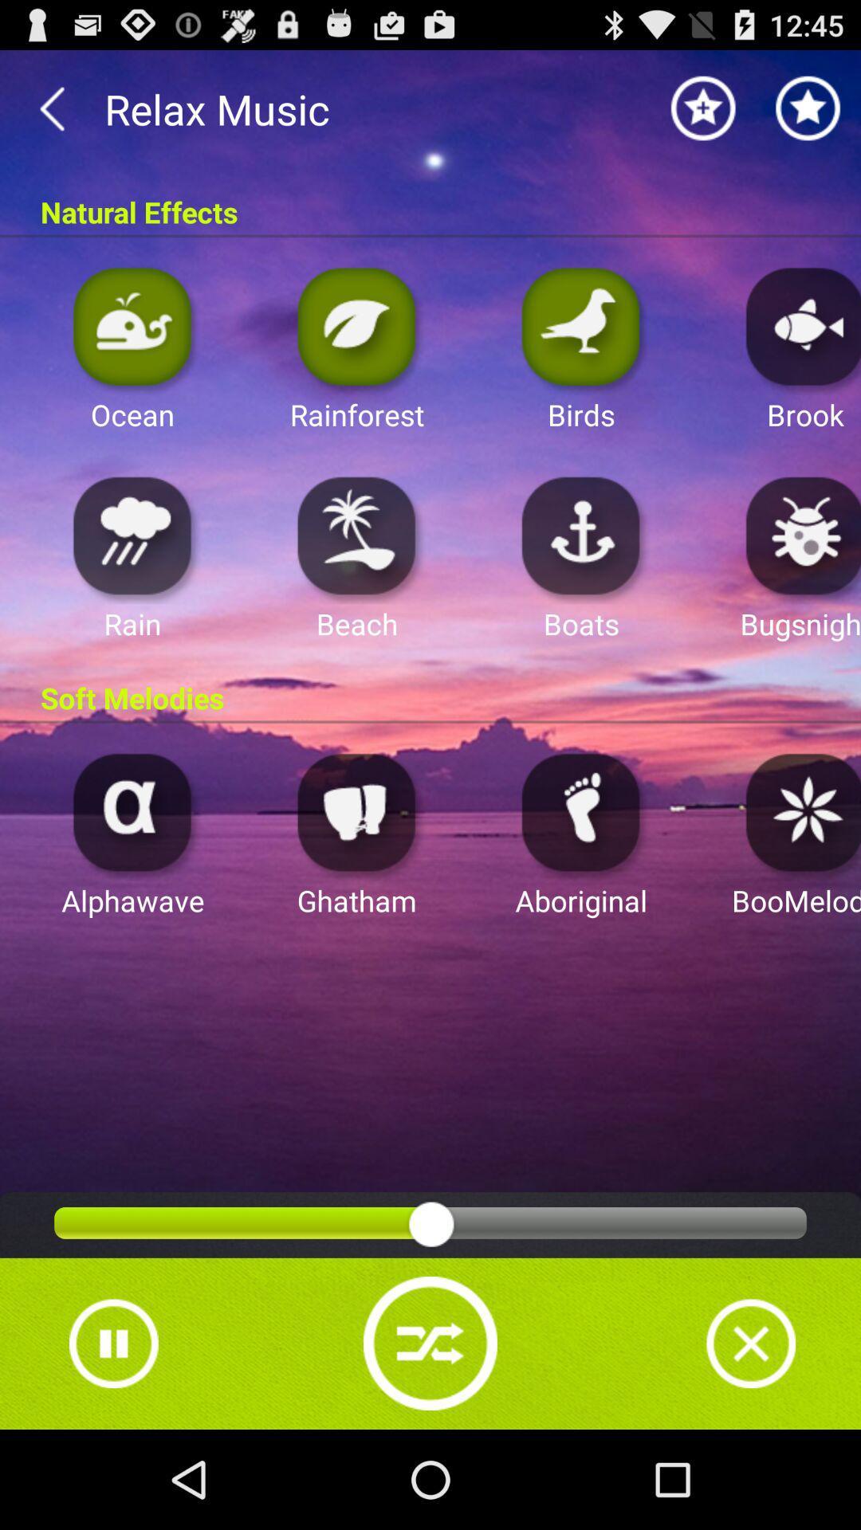 This screenshot has width=861, height=1530. I want to click on acess ocean music, so click(132, 325).